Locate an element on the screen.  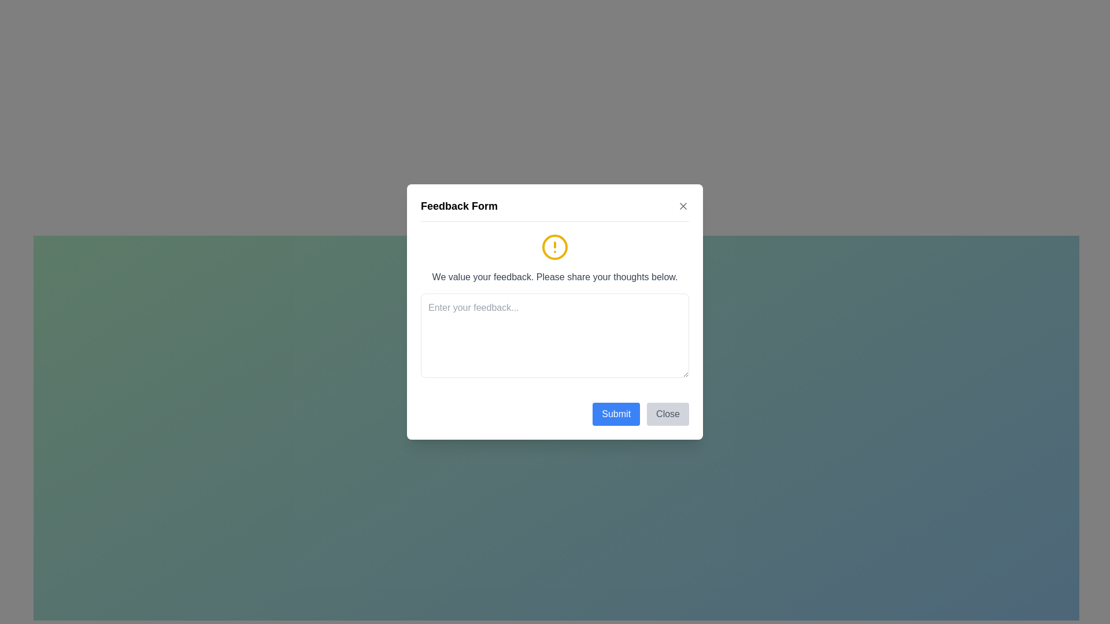
the visual indicator or warning symbol located directly above the text 'We value your feedback. Please share your thoughts below.' in the feedback modal is located at coordinates (555, 247).